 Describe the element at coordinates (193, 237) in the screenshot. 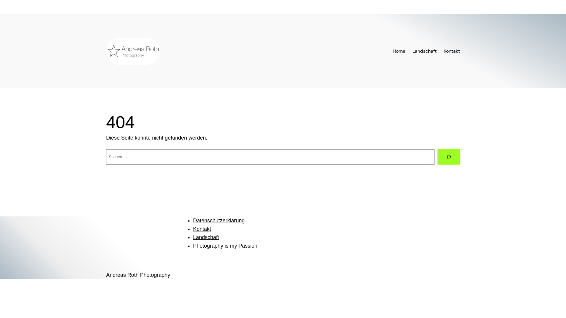

I see `'Landschaft'` at that location.